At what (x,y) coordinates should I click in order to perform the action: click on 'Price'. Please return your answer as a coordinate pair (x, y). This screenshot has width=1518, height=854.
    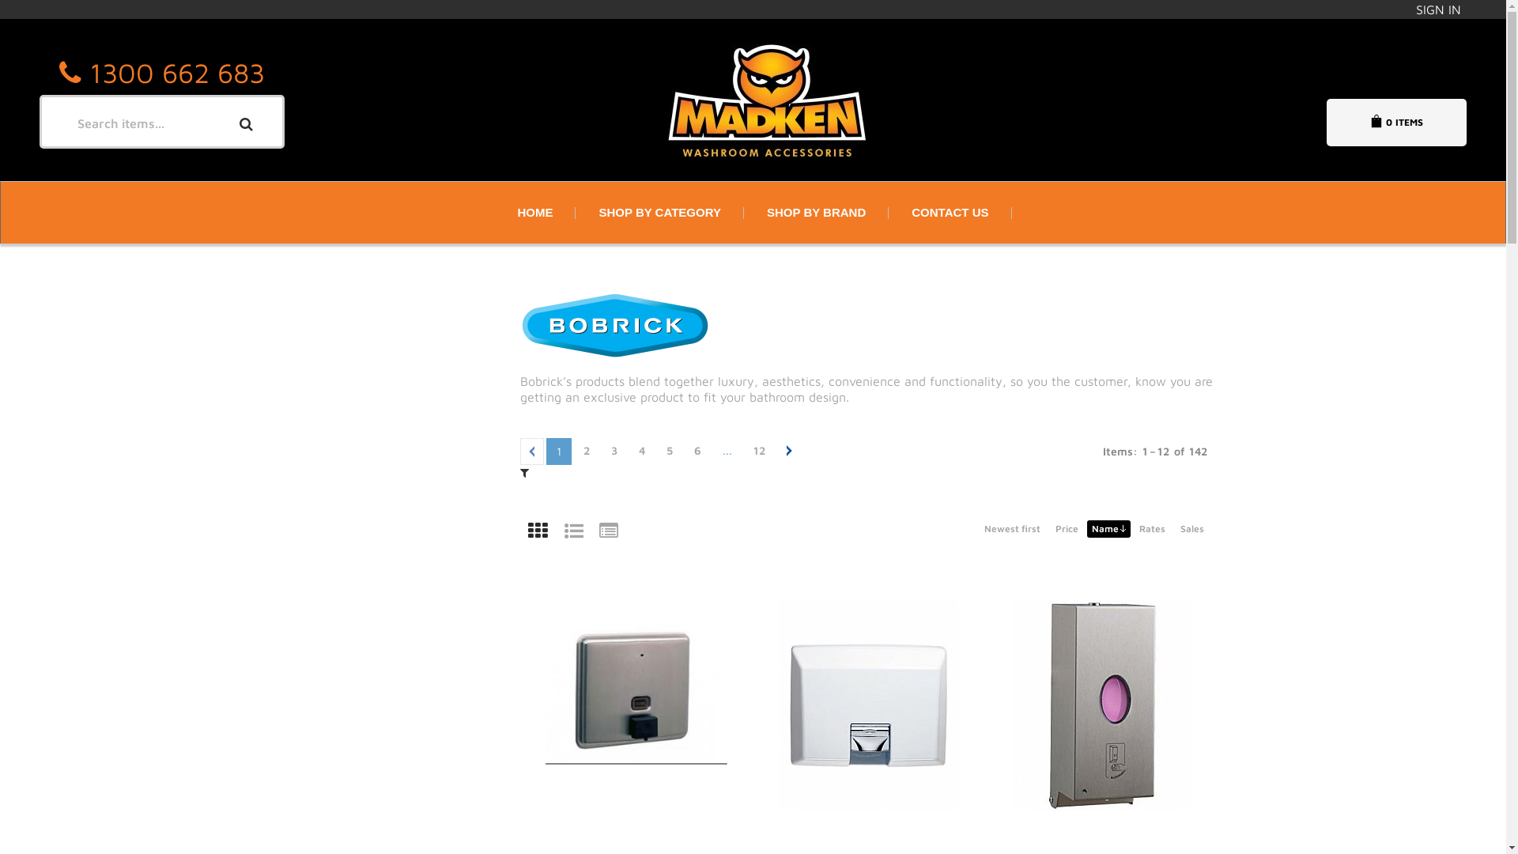
    Looking at the image, I should click on (1066, 528).